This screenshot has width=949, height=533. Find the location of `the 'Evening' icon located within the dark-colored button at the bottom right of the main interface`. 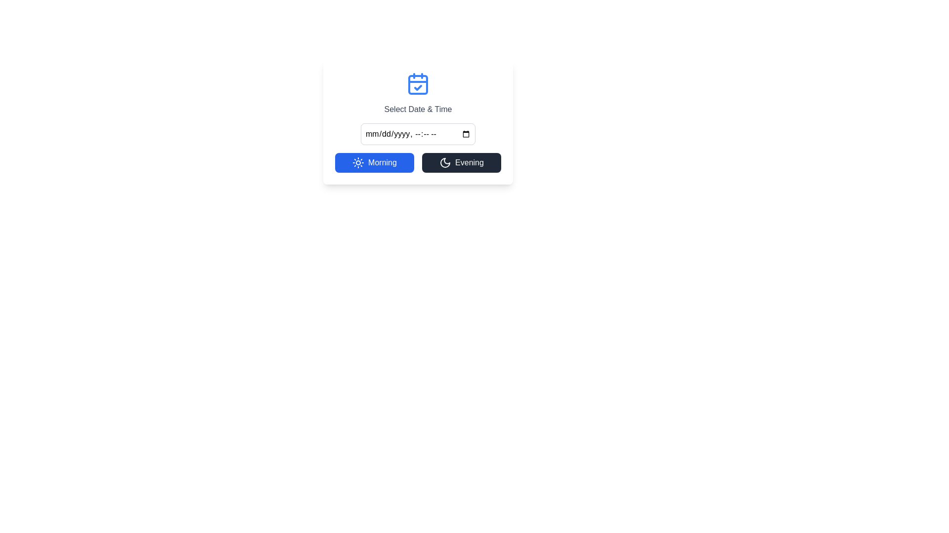

the 'Evening' icon located within the dark-colored button at the bottom right of the main interface is located at coordinates (445, 162).